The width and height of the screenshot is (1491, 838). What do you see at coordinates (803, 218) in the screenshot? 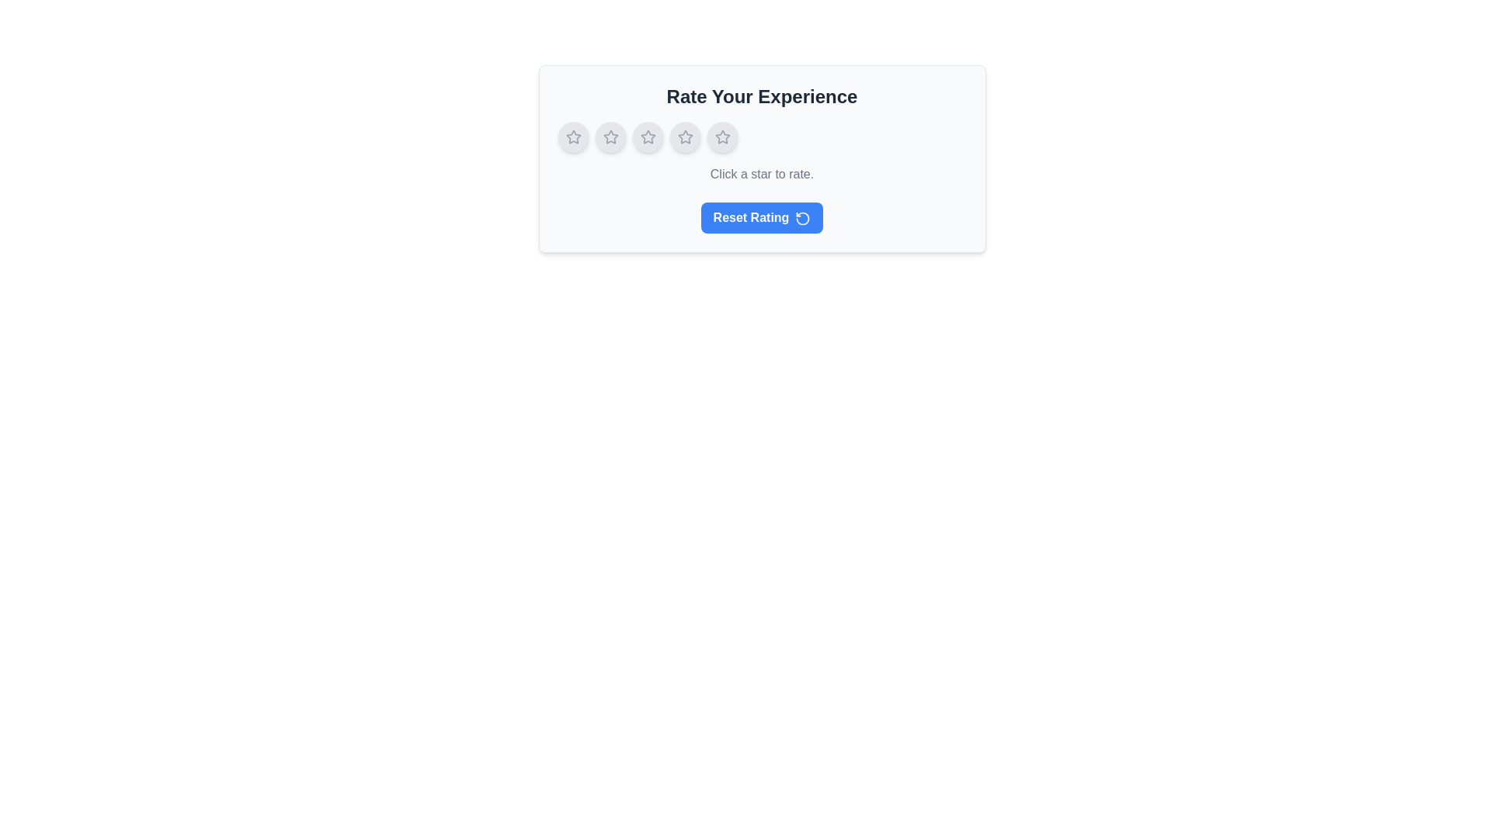
I see `the reset rating icon, which is located at the far right side of the 'Reset Rating' button, adjacent to the text label` at bounding box center [803, 218].